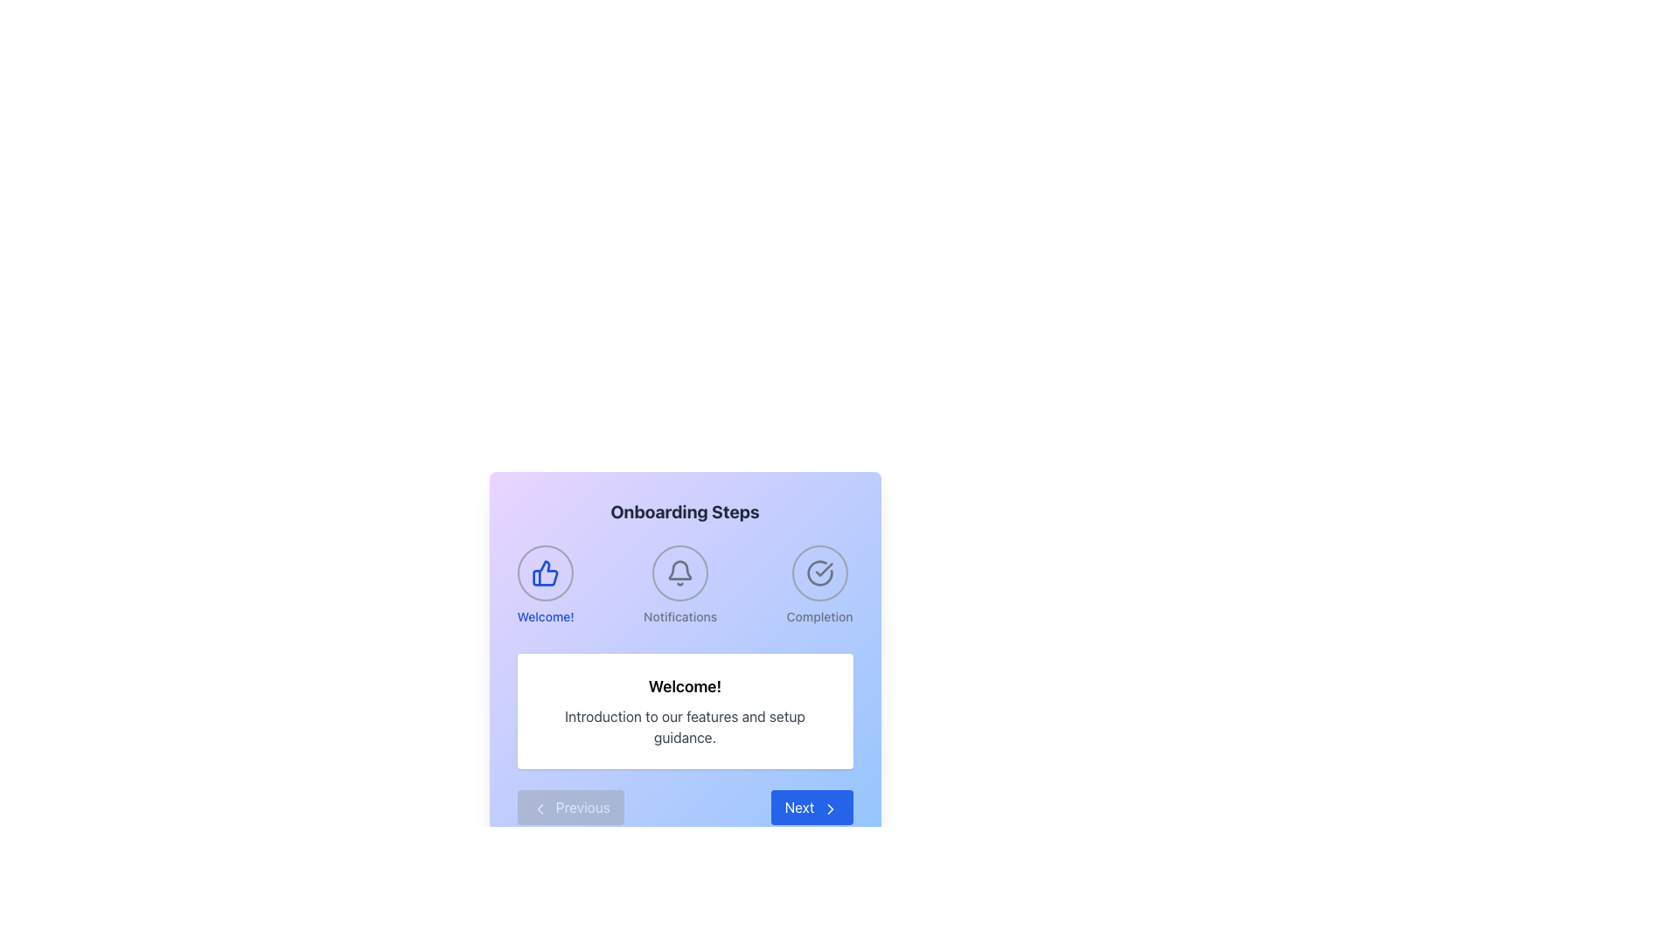 The height and width of the screenshot is (944, 1679). I want to click on the checkmark icon within the circular 'Completion' icon in the 'Onboarding Steps' interface to indicate completion, so click(823, 569).